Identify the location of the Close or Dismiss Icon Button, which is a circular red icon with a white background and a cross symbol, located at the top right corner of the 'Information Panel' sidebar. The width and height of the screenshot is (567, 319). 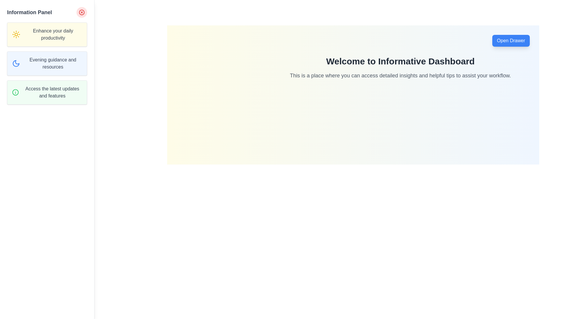
(82, 12).